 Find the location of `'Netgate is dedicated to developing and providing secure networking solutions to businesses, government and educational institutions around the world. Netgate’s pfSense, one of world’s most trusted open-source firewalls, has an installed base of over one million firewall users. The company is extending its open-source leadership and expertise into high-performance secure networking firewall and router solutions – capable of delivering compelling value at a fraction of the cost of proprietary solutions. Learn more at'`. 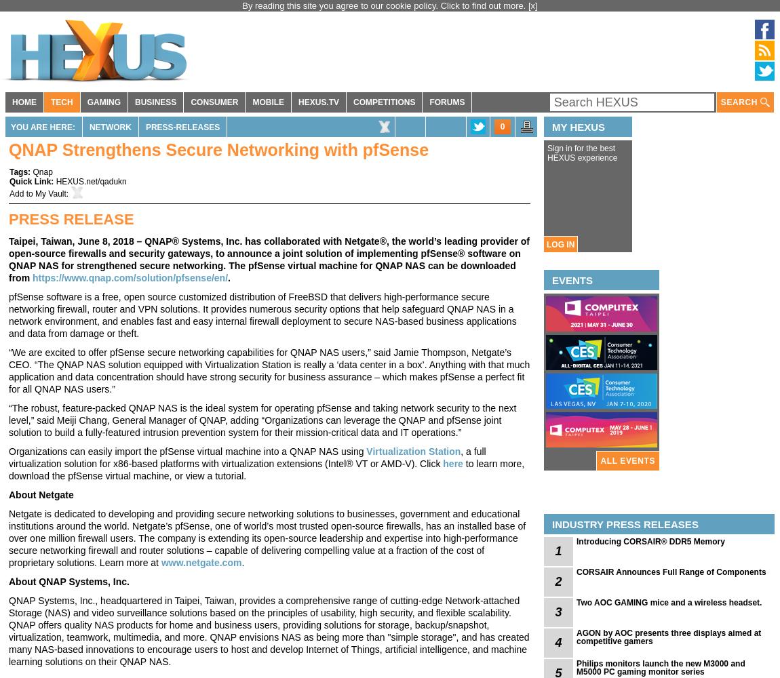

'Netgate is dedicated to developing and providing secure networking solutions to businesses, government and educational institutions around the world. Netgate’s pfSense, one of world’s most trusted open-source firewalls, has an installed base of over one million firewall users. The company is extending its open-source leadership and expertise into high-performance secure networking firewall and router solutions – capable of delivering compelling value at a fraction of the cost of proprietary solutions. Learn more at' is located at coordinates (267, 538).